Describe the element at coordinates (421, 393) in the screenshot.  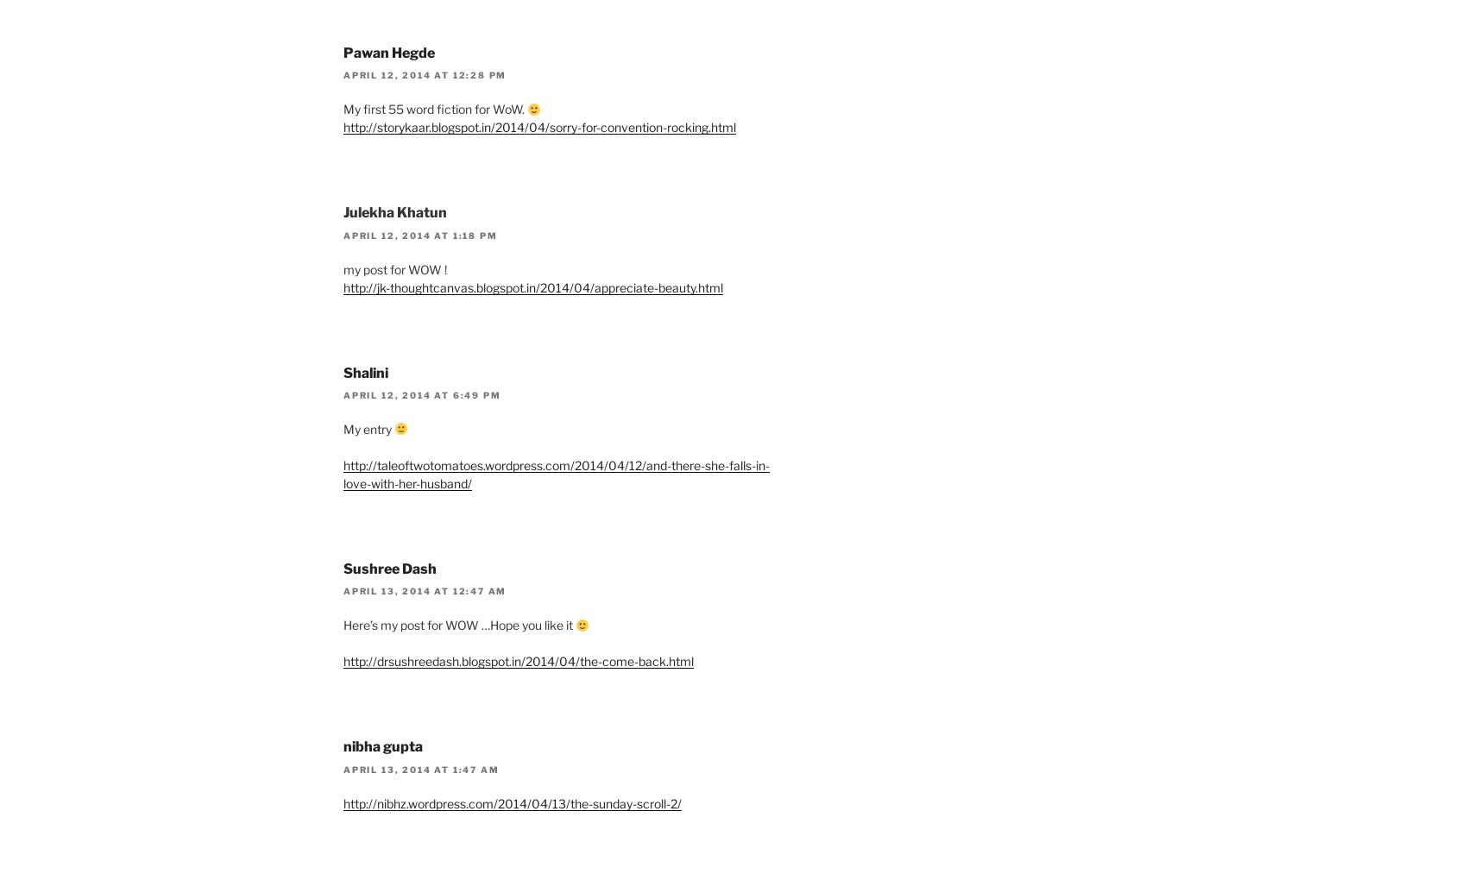
I see `'April 12, 2014 at 6:49 pm'` at that location.